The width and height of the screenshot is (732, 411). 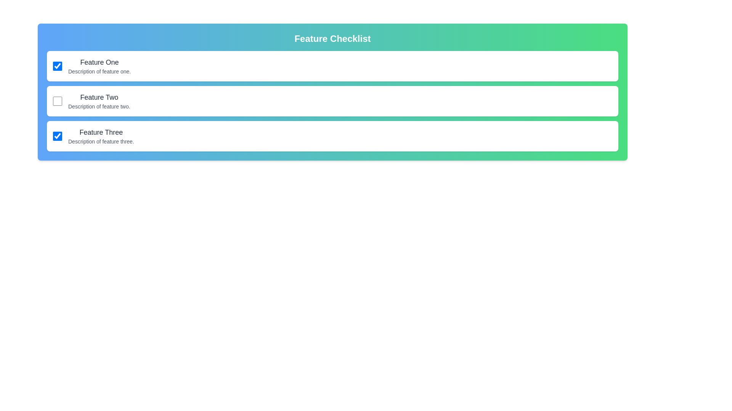 What do you see at coordinates (100, 132) in the screenshot?
I see `the title of the feature Feature Three to focus or select it` at bounding box center [100, 132].